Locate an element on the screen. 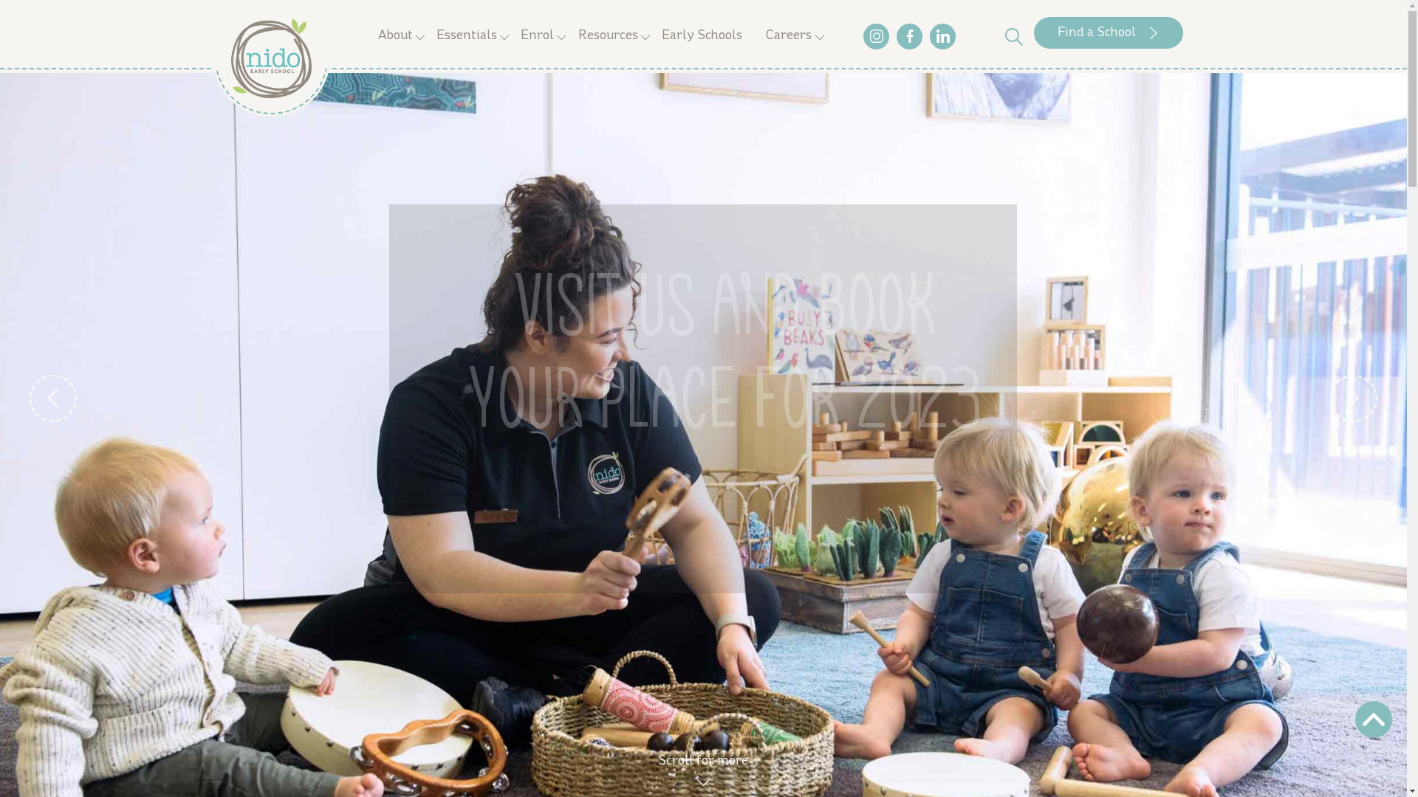  'Find a School' is located at coordinates (702, 534).